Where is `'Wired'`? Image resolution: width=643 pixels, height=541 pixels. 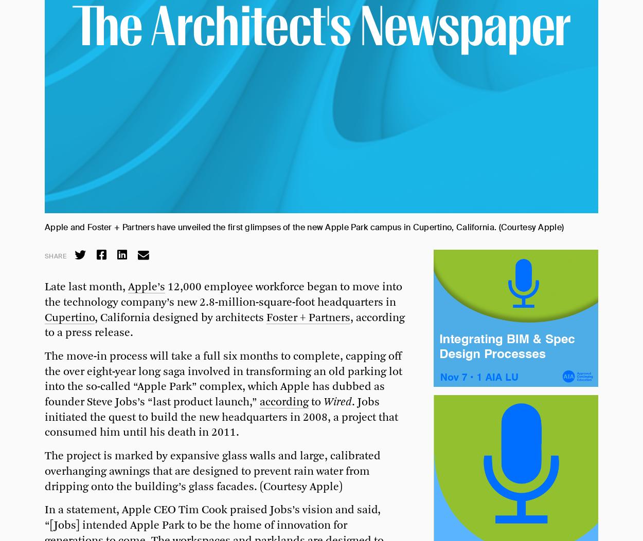 'Wired' is located at coordinates (337, 402).